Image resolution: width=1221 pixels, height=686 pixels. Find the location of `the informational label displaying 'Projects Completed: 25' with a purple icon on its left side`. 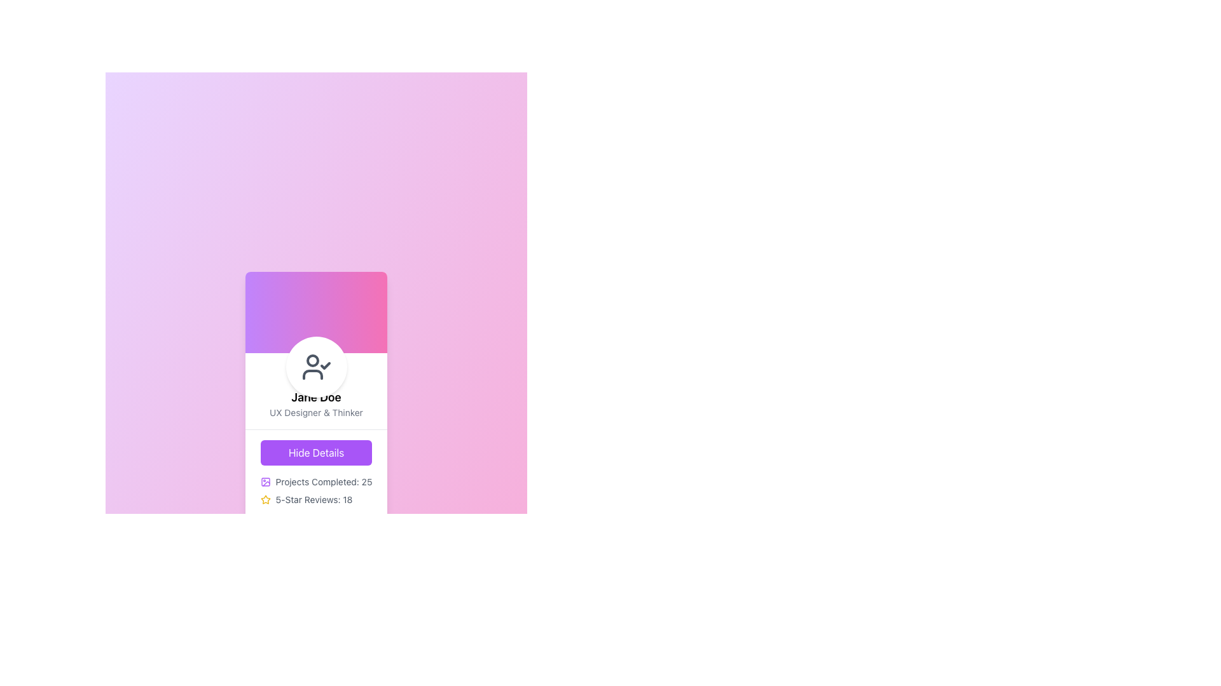

the informational label displaying 'Projects Completed: 25' with a purple icon on its left side is located at coordinates (316, 481).